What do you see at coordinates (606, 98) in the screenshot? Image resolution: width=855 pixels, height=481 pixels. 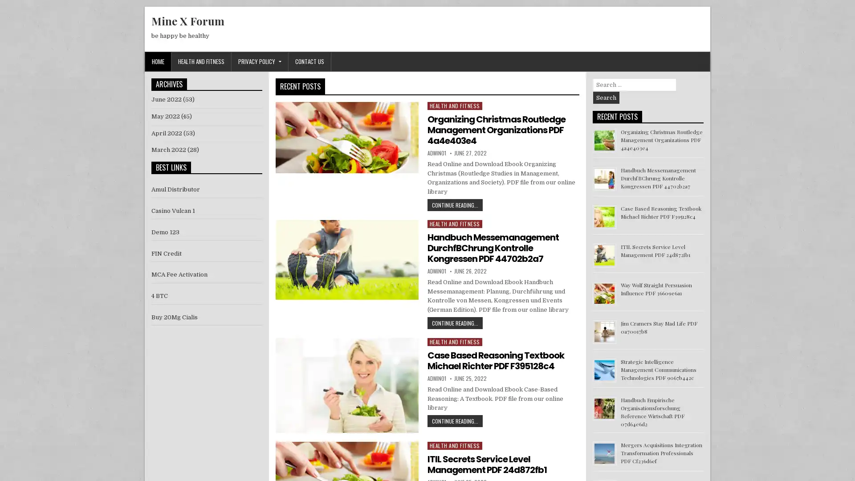 I see `Search` at bounding box center [606, 98].